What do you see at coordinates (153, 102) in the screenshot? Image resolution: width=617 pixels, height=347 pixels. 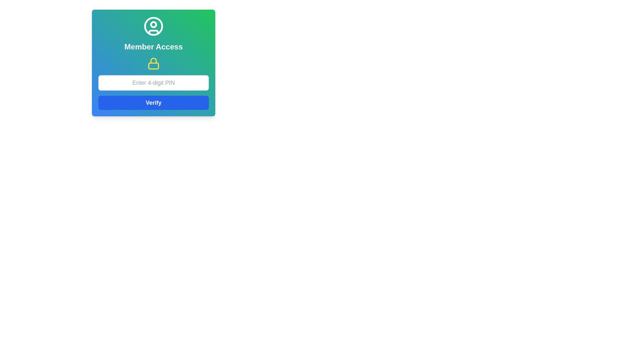 I see `the 'Verify' button, which is a rectangular button with a blue background and rounded corners, located below the 'Enter 4-digit PIN' input field to activate hover styling` at bounding box center [153, 102].